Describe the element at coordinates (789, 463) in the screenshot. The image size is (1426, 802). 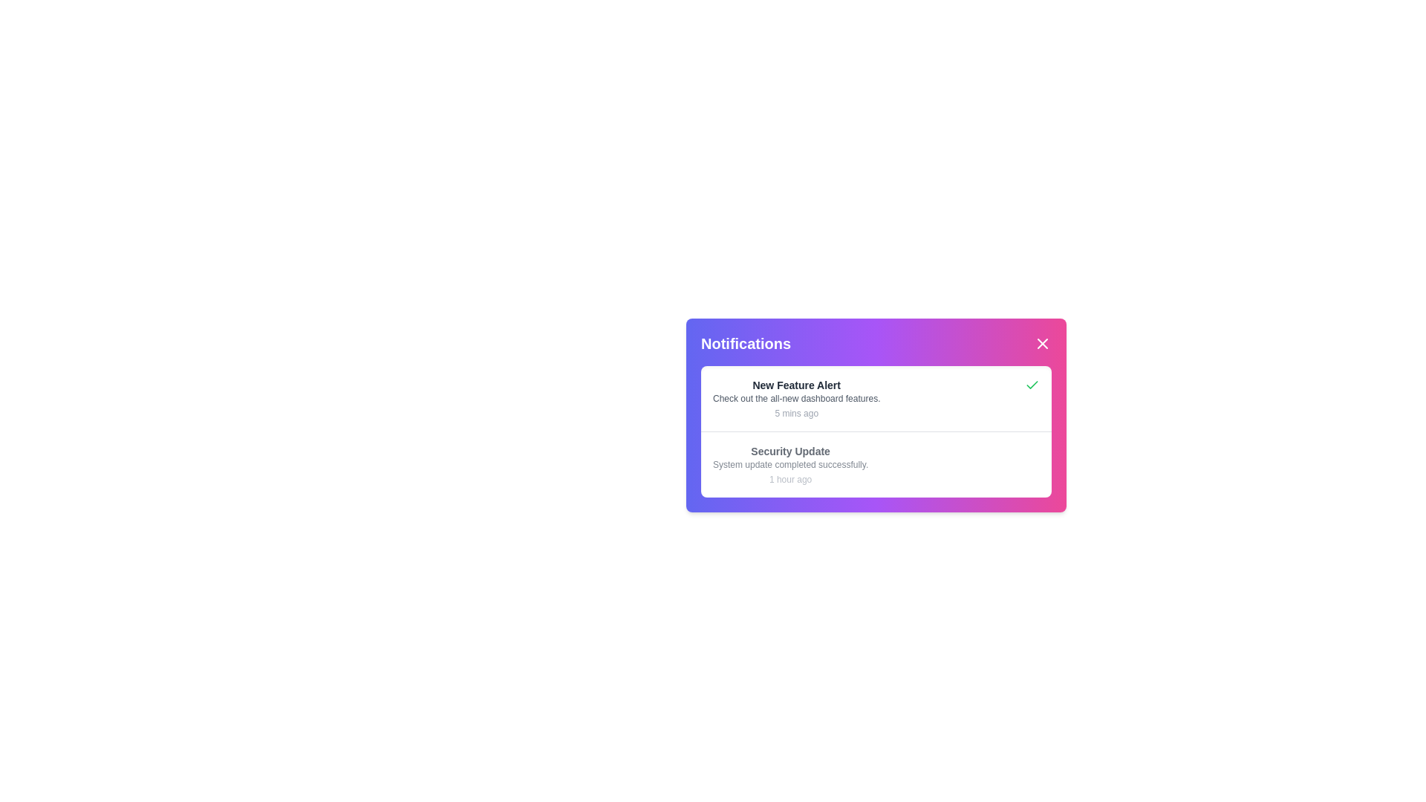
I see `the second notification entry titled 'Security Update'` at that location.